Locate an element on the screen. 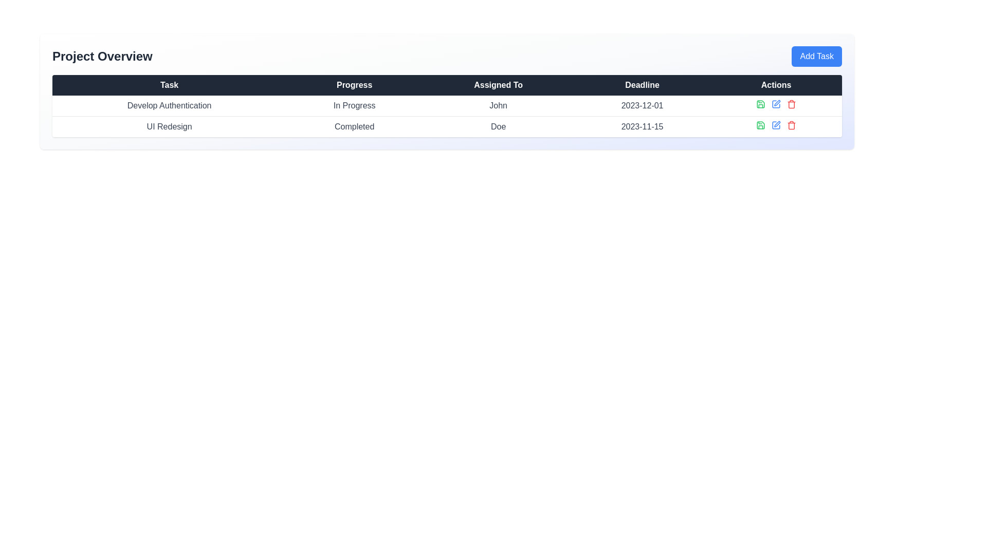 This screenshot has width=987, height=555. the text label displaying 'John' in the 'Assigned To' column of the table is located at coordinates (498, 106).